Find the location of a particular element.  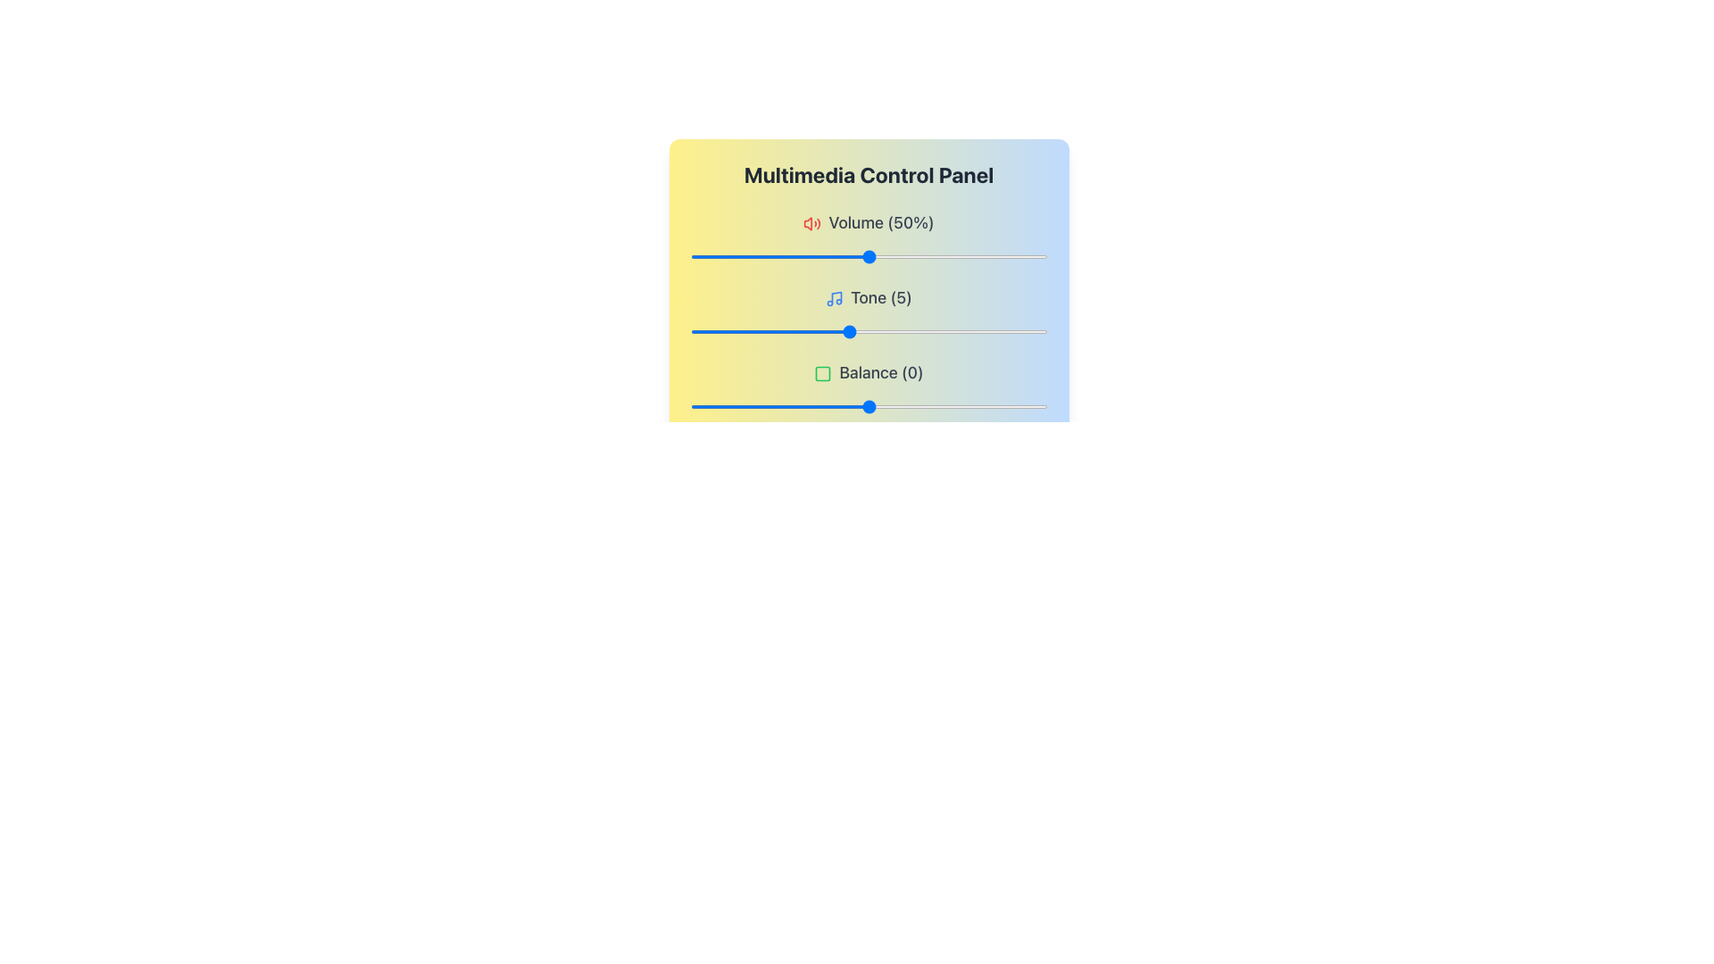

the SVG graphical element (rectangle) that serves as a graphical indicator for the 'Balance' functionality, positioned between the 'Tone (5)' label and slider and the 'Balance' slider is located at coordinates (822, 373).